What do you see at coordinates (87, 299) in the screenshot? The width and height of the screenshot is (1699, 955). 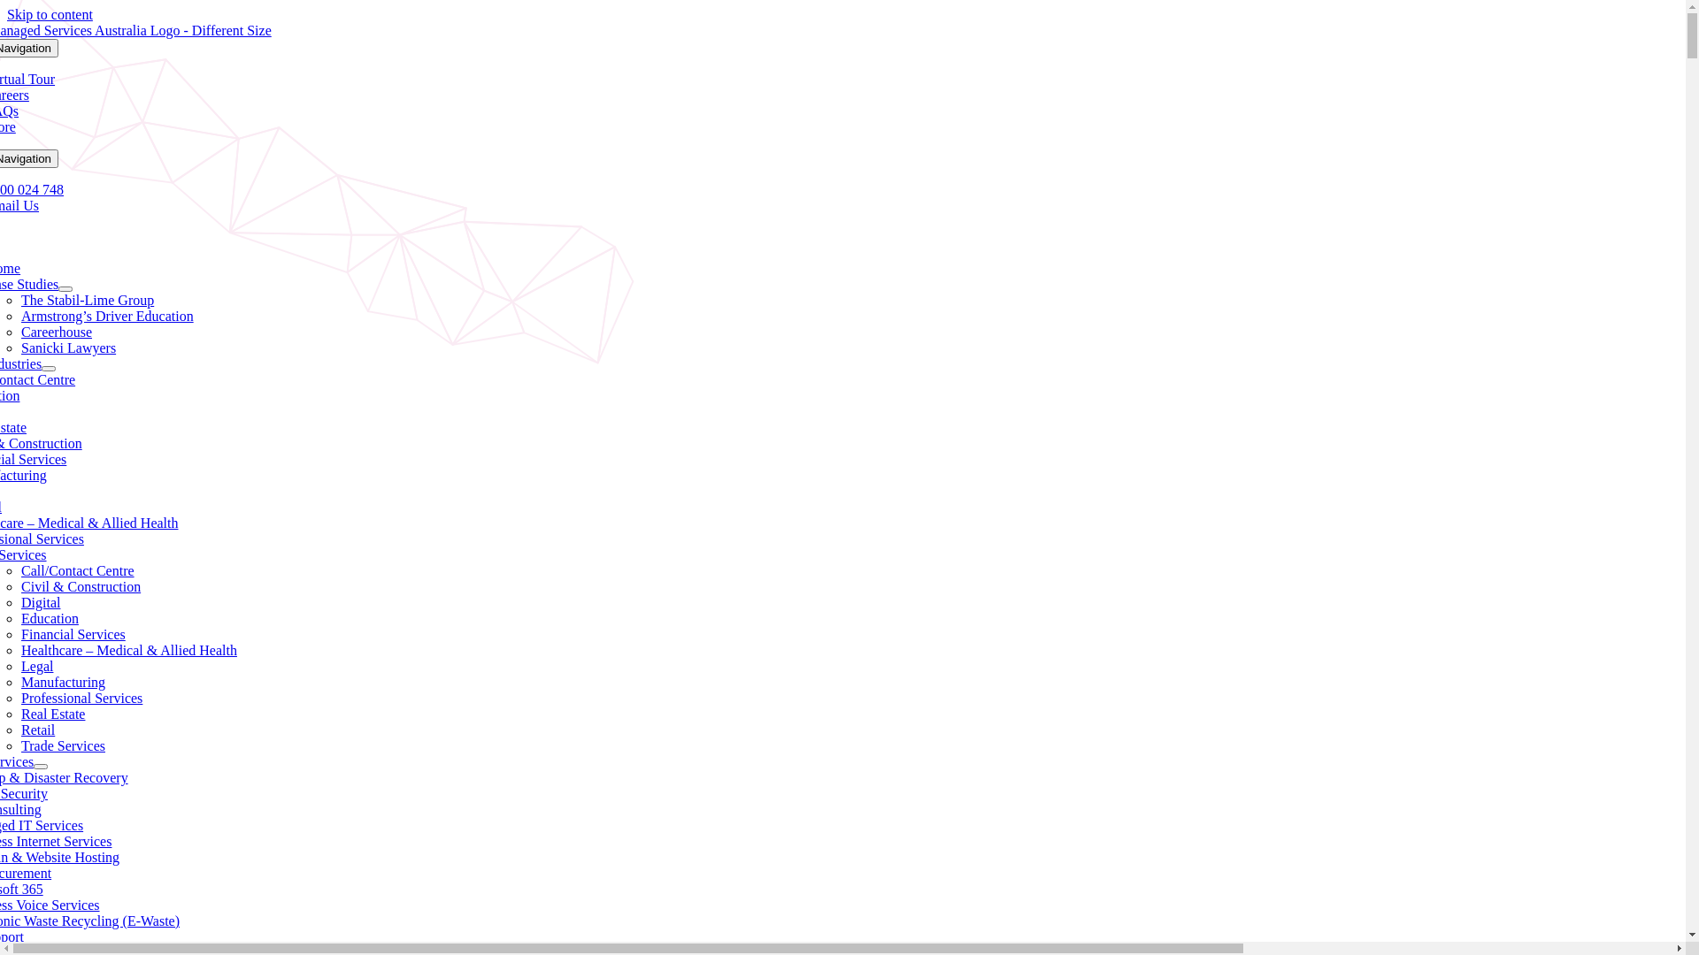 I see `'The Stabil-Lime Group'` at bounding box center [87, 299].